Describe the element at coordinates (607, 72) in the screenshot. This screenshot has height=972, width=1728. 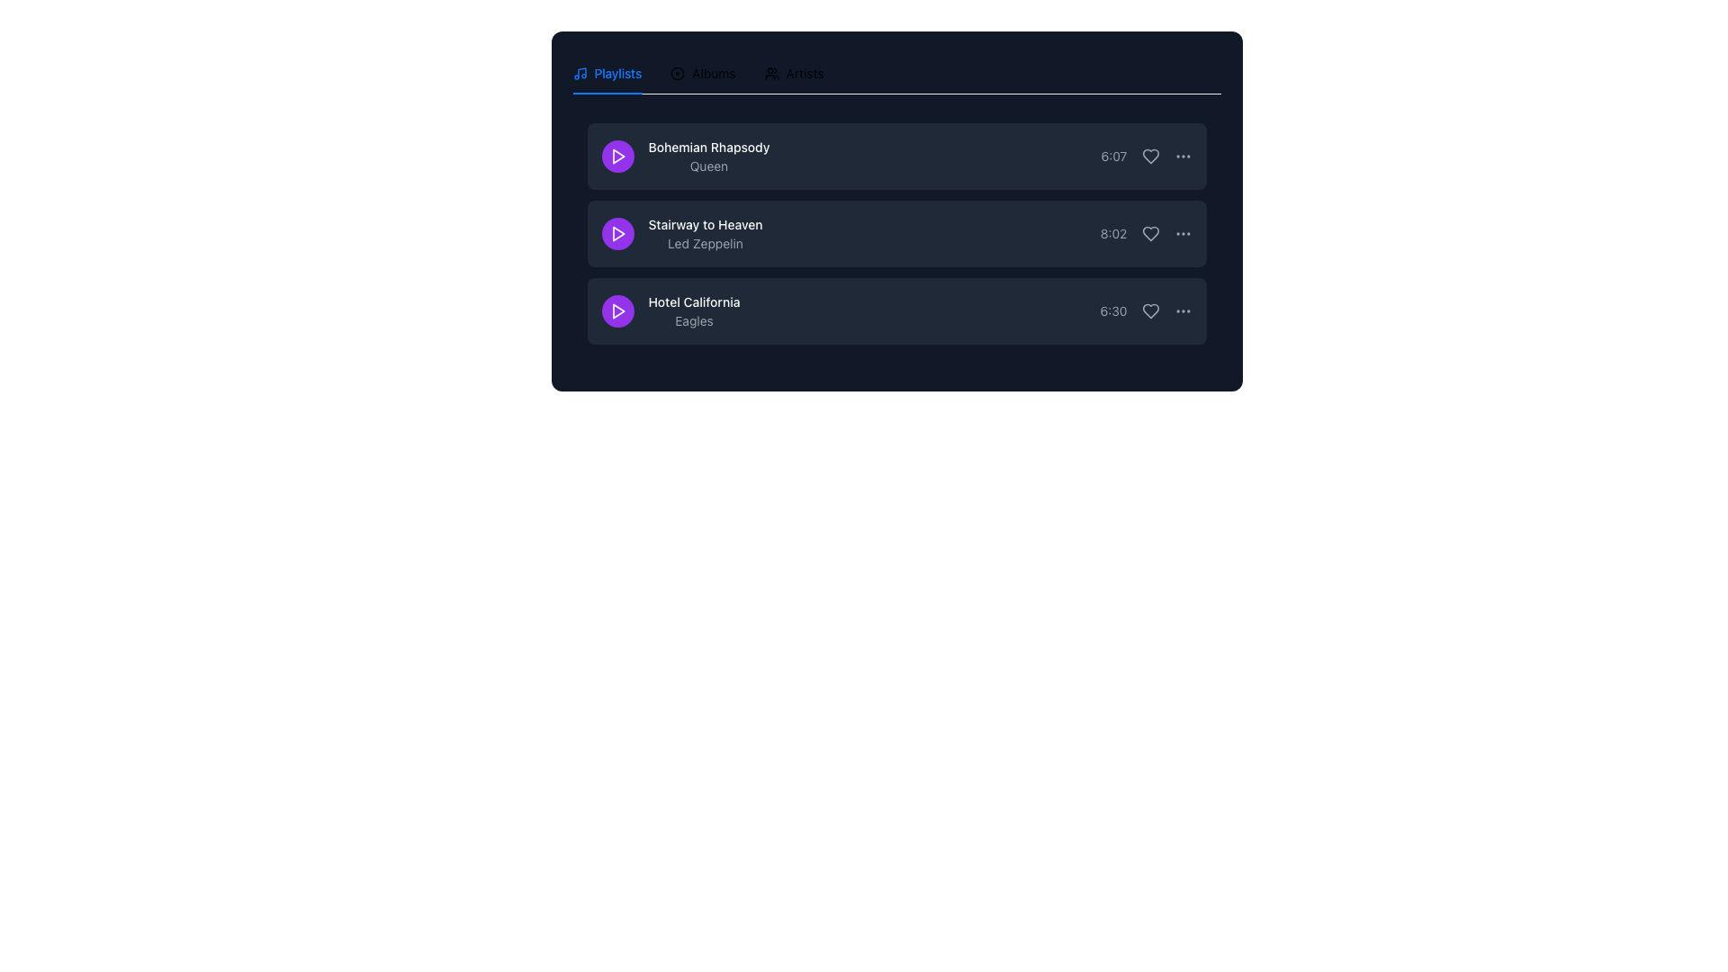
I see `the 'Playlists' tab, which is the first tab in the tab group and is styled in blue on a dark background` at that location.